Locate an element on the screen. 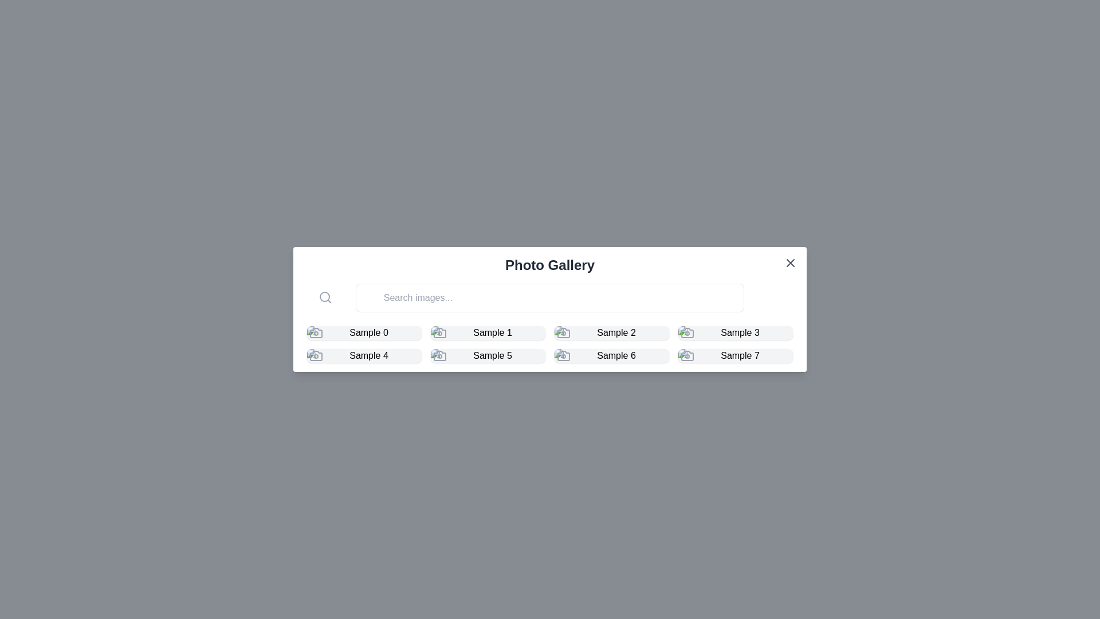 The height and width of the screenshot is (619, 1100). the fourth image card in the photo gallery located at the bottom right corner of the top row is located at coordinates (735, 333).